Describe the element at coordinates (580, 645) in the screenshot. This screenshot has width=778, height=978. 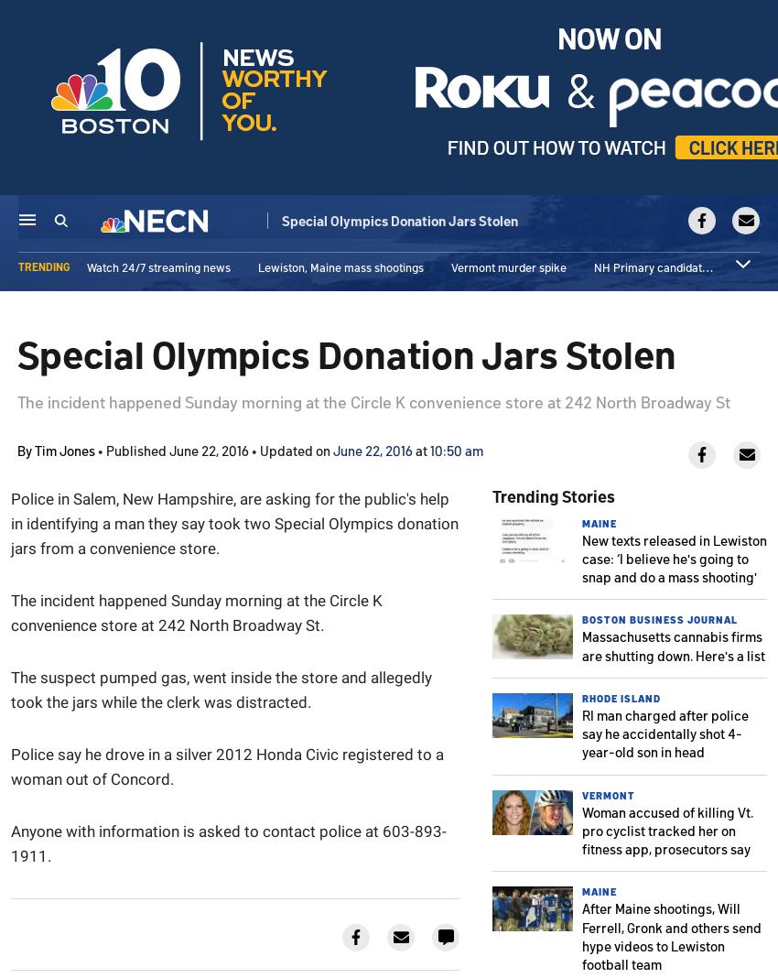
I see `'Massachusetts cannabis firms are shutting down. Here's a list'` at that location.